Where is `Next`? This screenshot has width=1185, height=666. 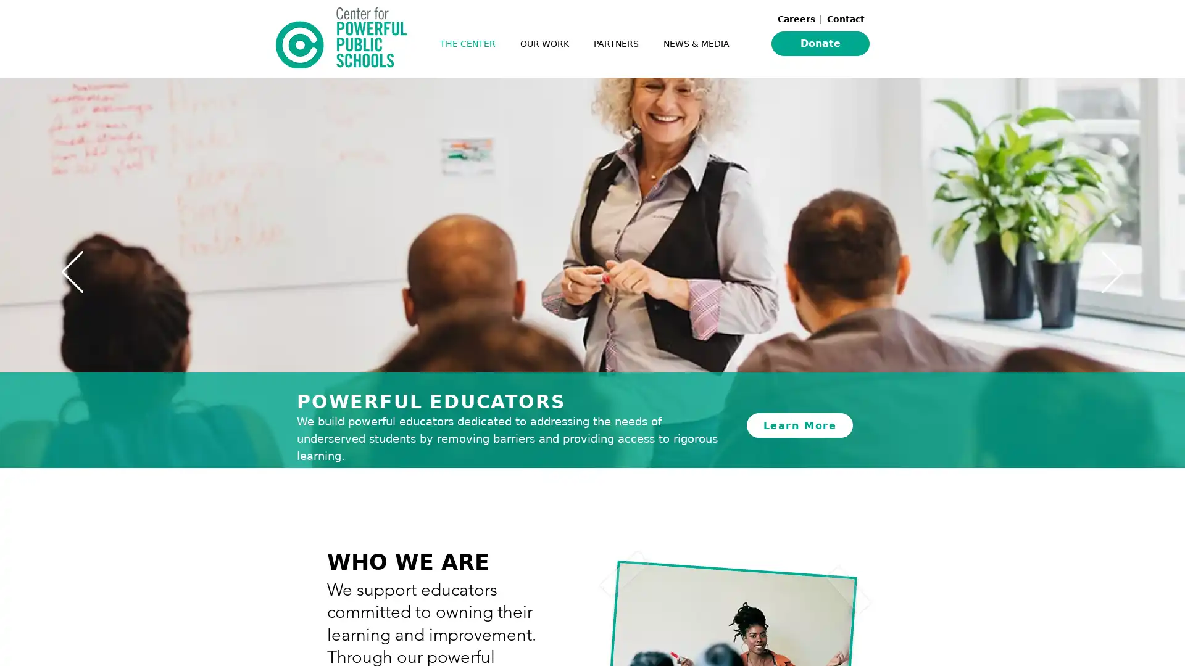
Next is located at coordinates (1112, 272).